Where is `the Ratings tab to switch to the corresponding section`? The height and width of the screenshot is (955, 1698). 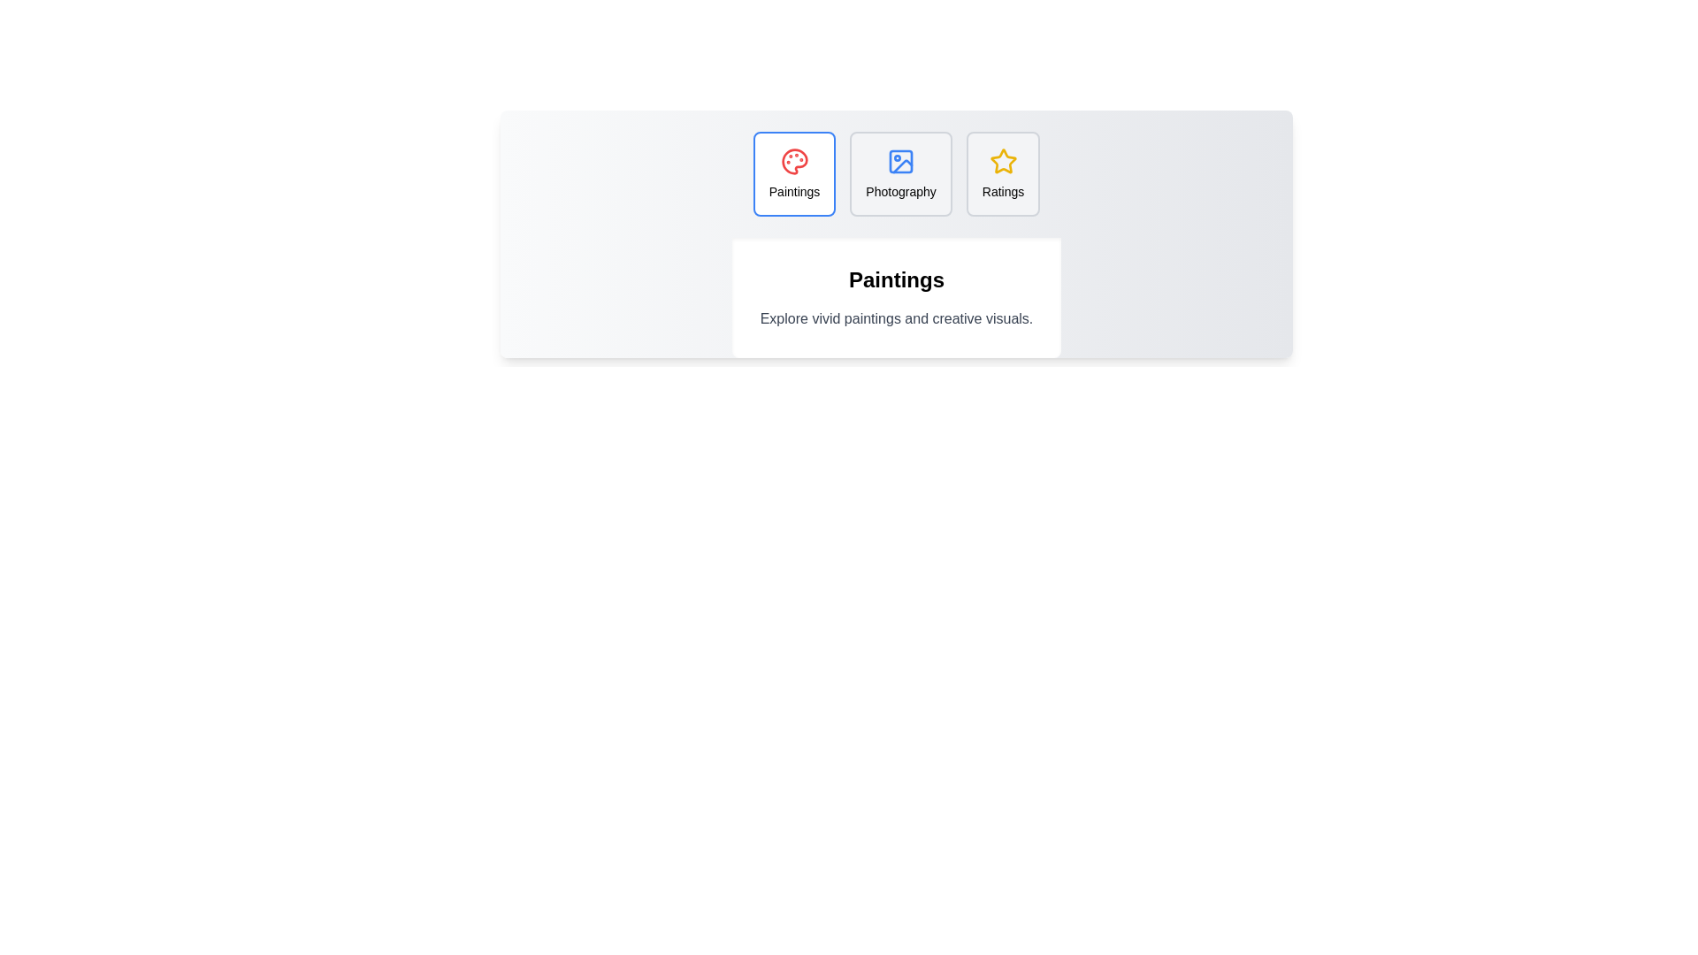 the Ratings tab to switch to the corresponding section is located at coordinates (1003, 173).